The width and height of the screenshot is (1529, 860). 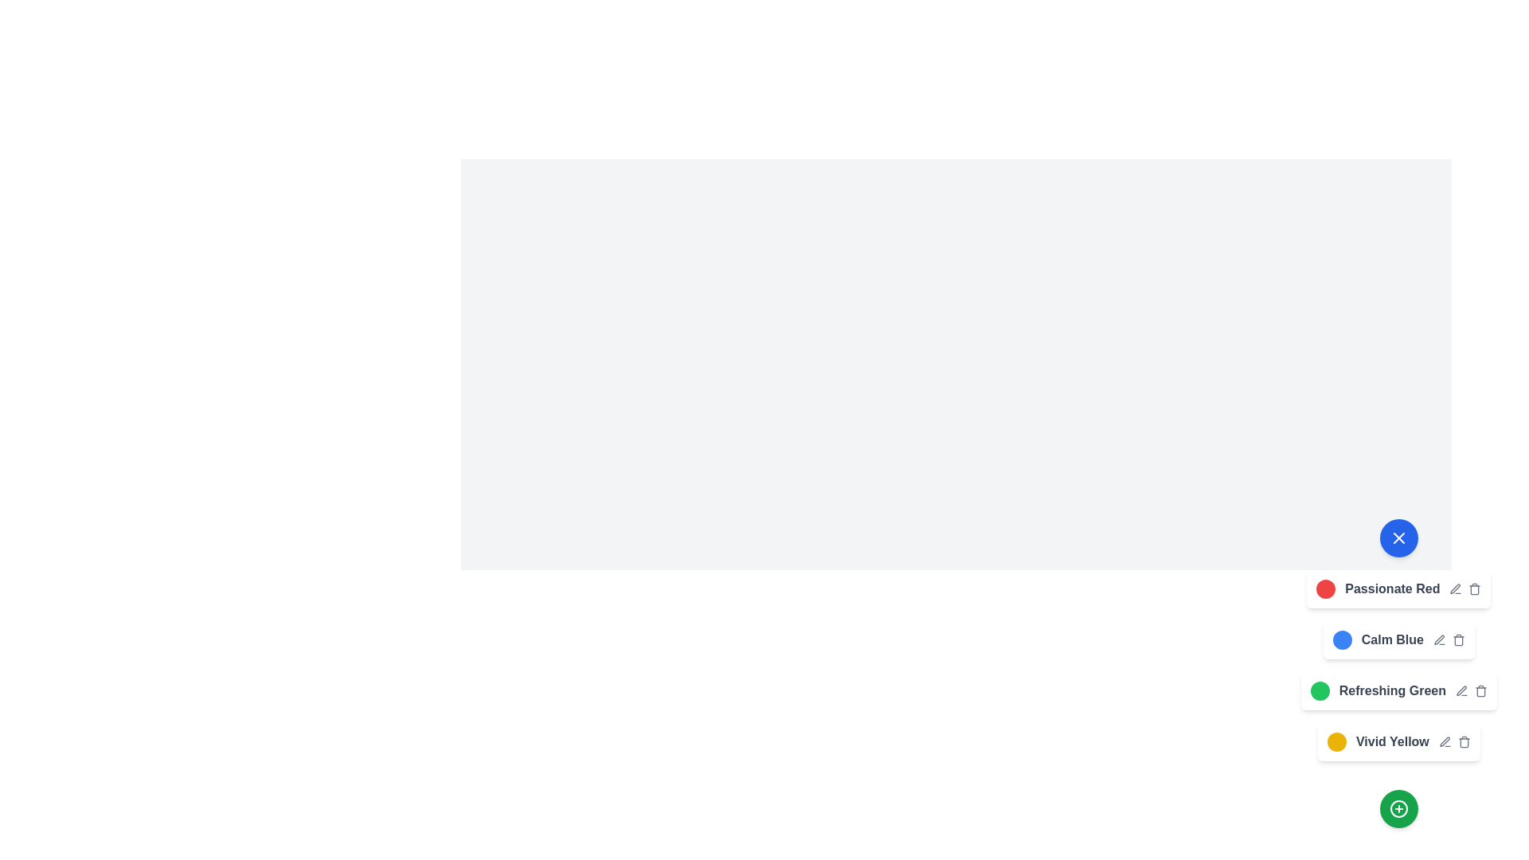 I want to click on the color theme Calm Blue from the list, so click(x=1341, y=639).